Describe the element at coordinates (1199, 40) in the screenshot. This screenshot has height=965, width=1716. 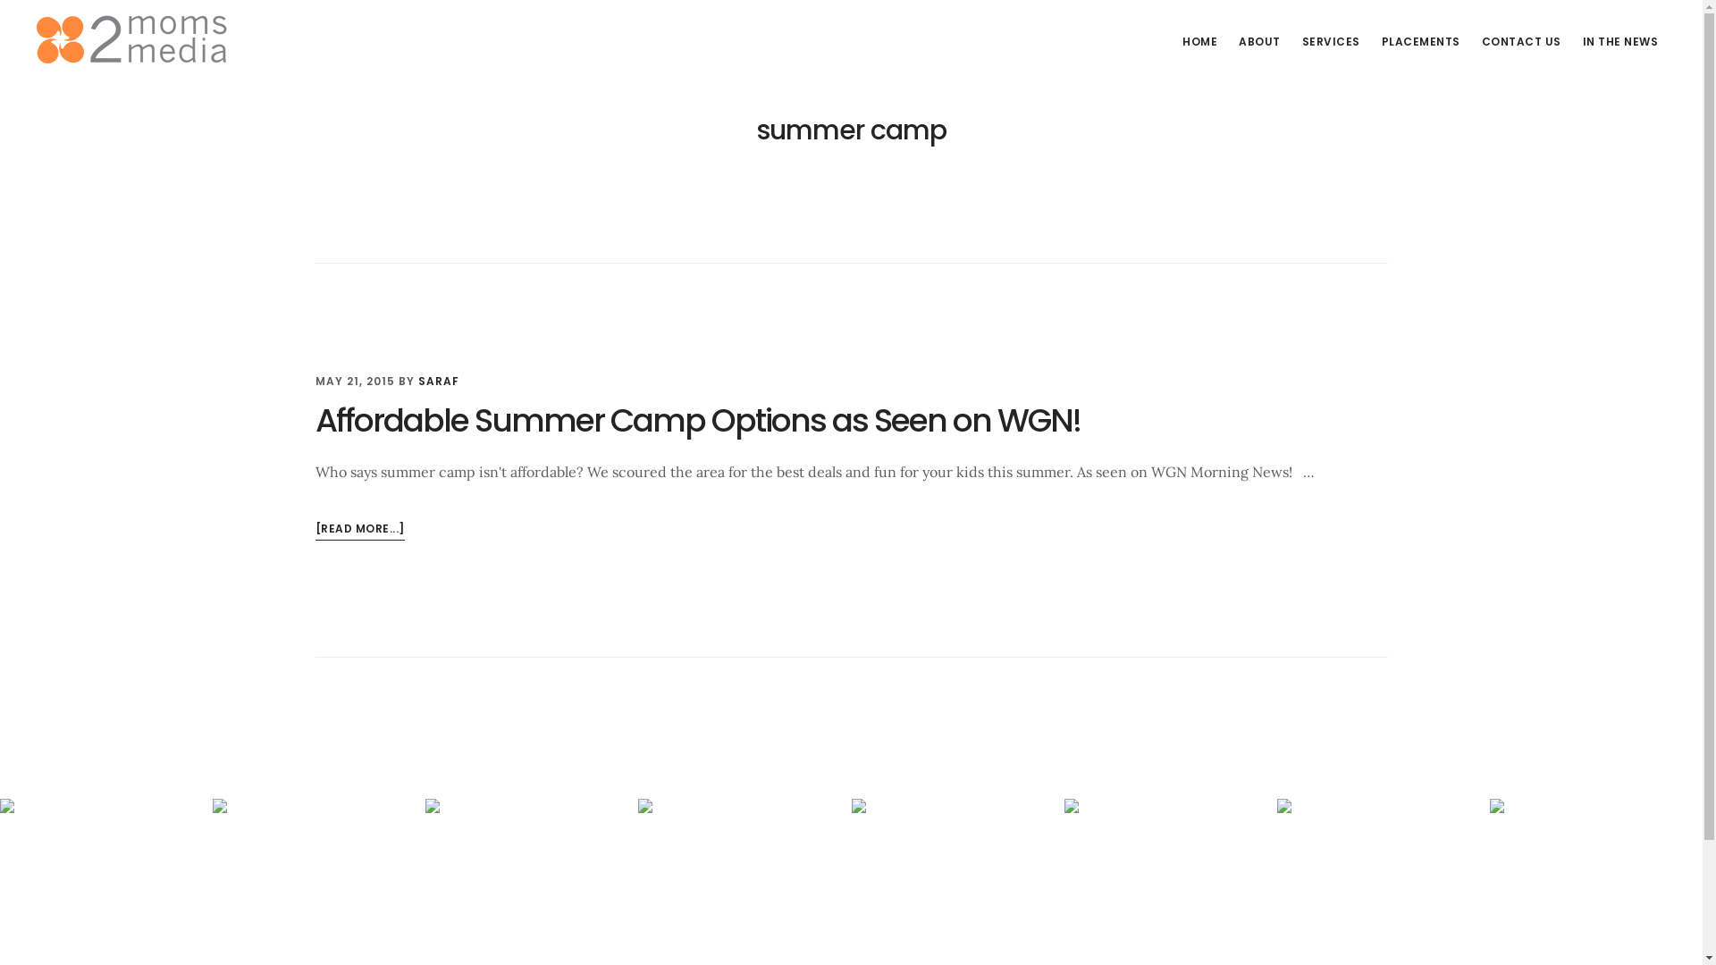
I see `'HOME'` at that location.